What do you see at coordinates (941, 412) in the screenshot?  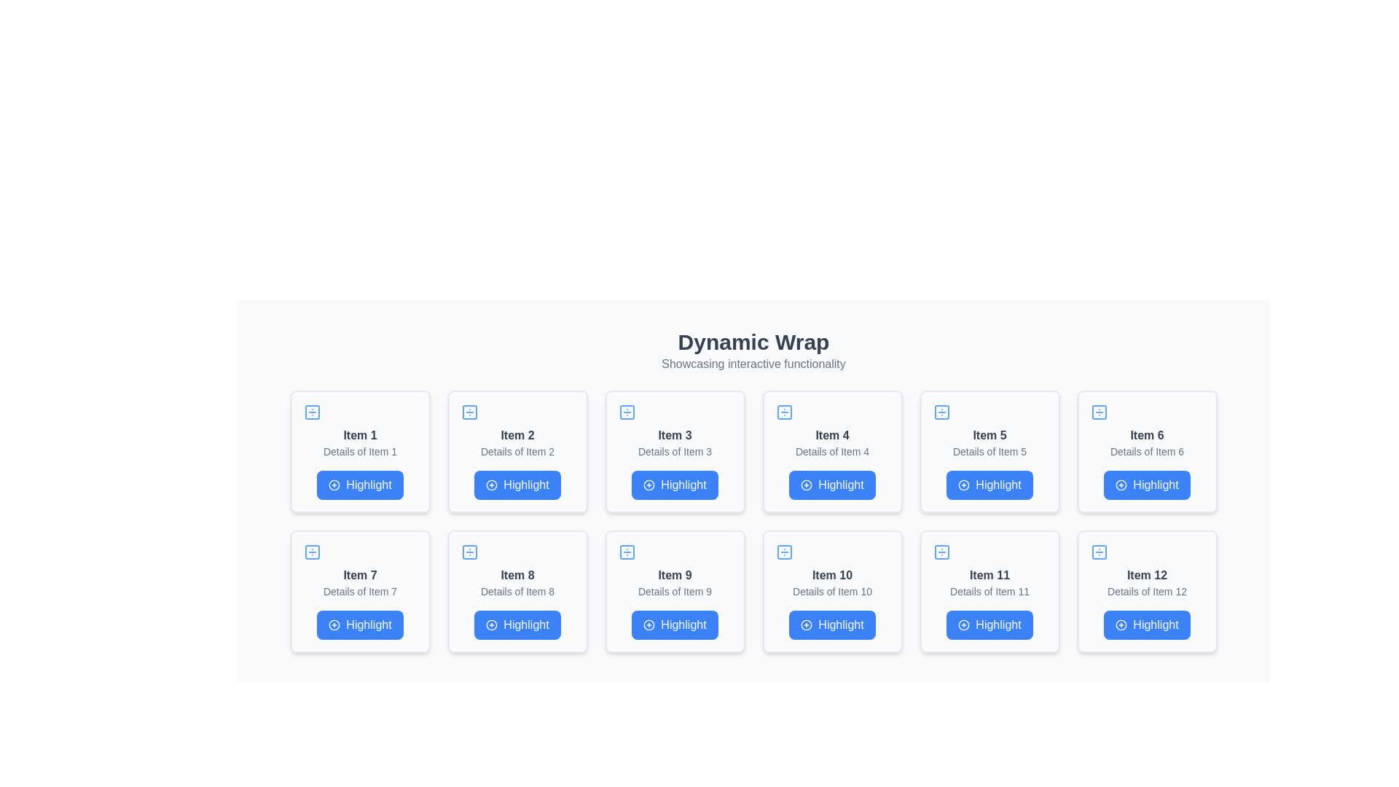 I see `the small light-blue square with rounded corners located at the top-left area of the 'Item 5' card, under the title 'Item 5' and above the 'Highlight' button` at bounding box center [941, 412].